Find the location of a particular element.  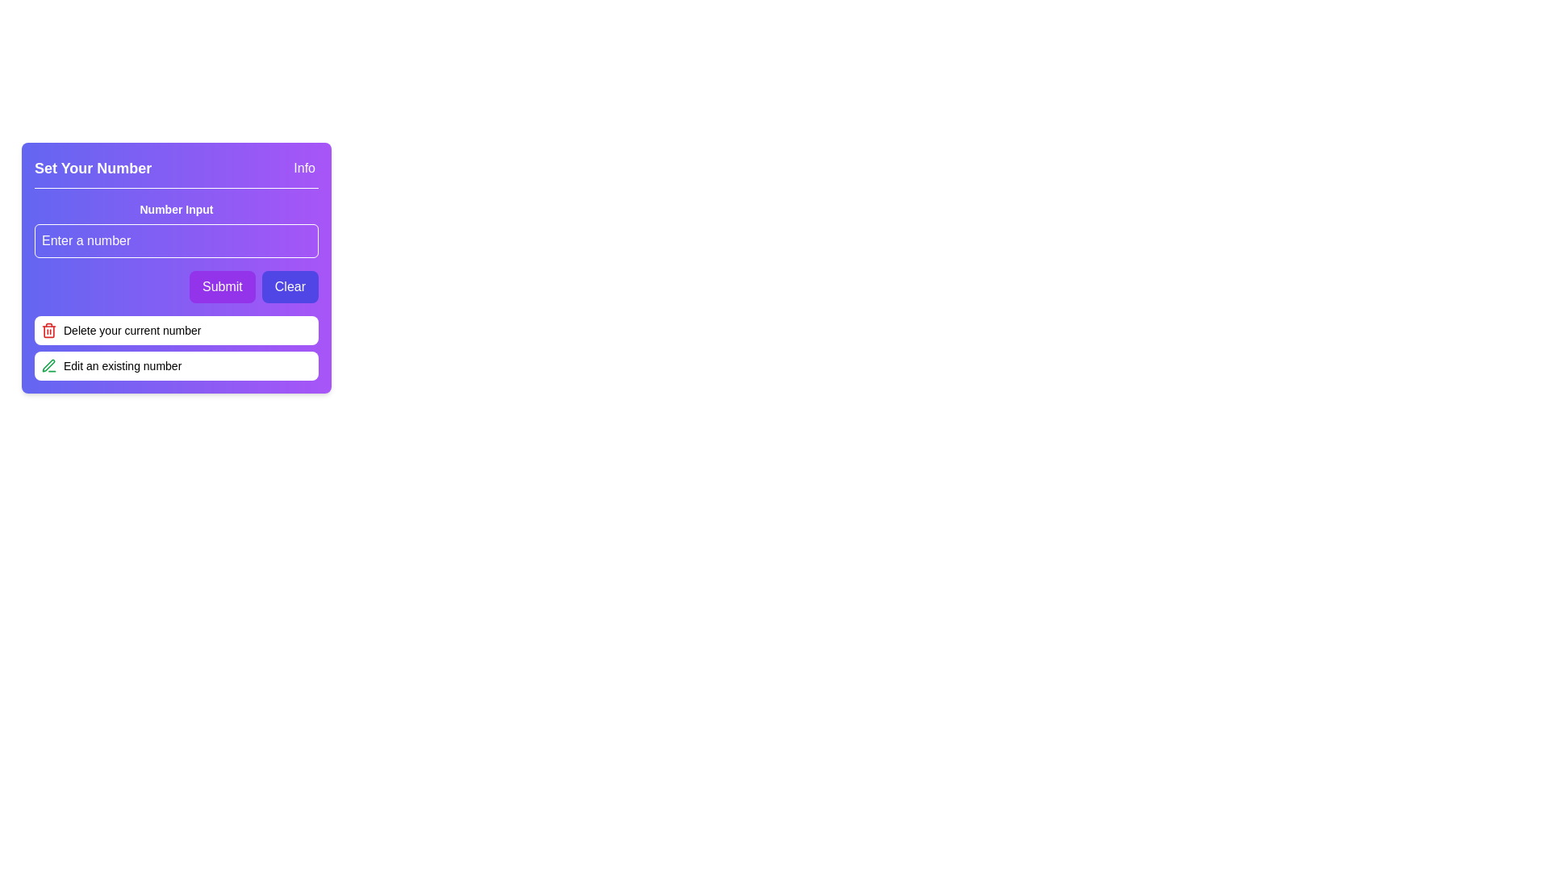

the descriptive text label for the number input field located at the top of the purple card-like interface is located at coordinates (177, 208).